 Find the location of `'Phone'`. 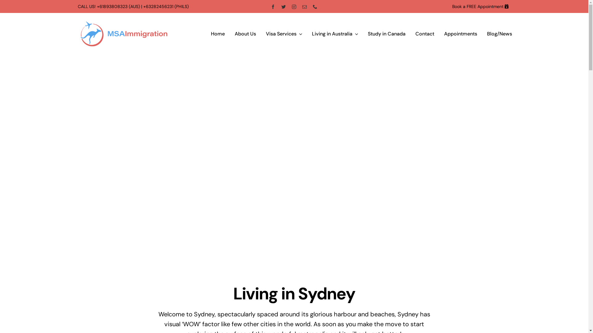

'Phone' is located at coordinates (315, 6).